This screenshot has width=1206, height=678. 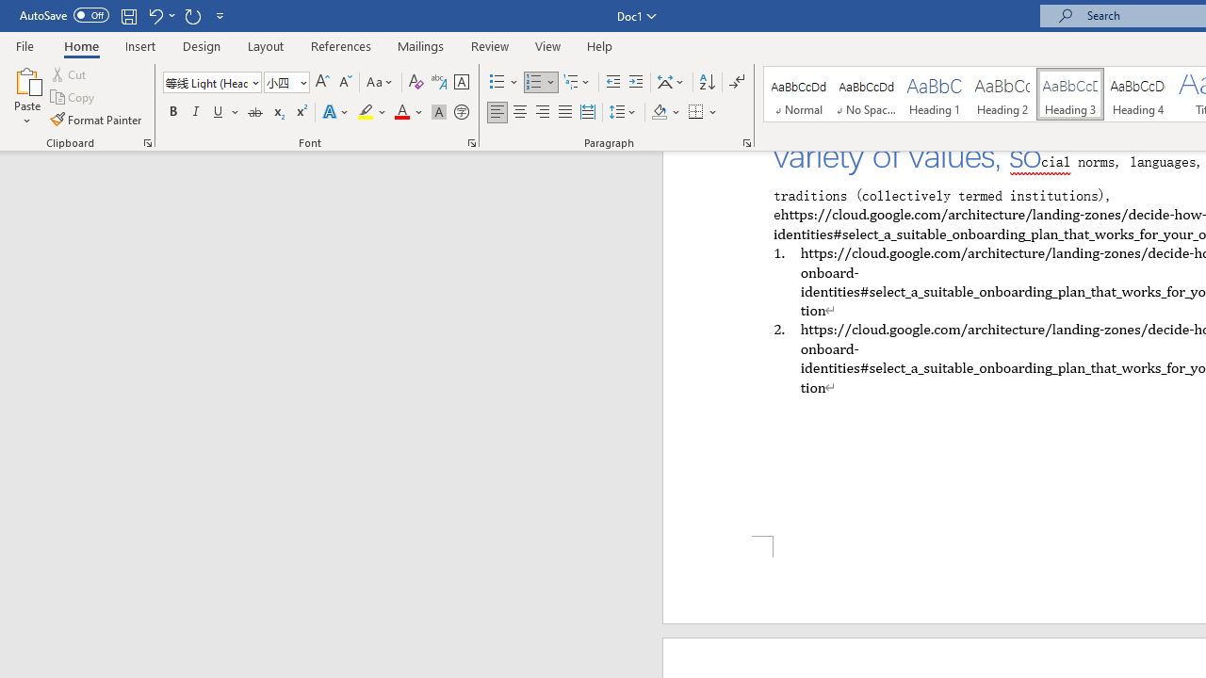 What do you see at coordinates (736, 81) in the screenshot?
I see `'Show/Hide Editing Marks'` at bounding box center [736, 81].